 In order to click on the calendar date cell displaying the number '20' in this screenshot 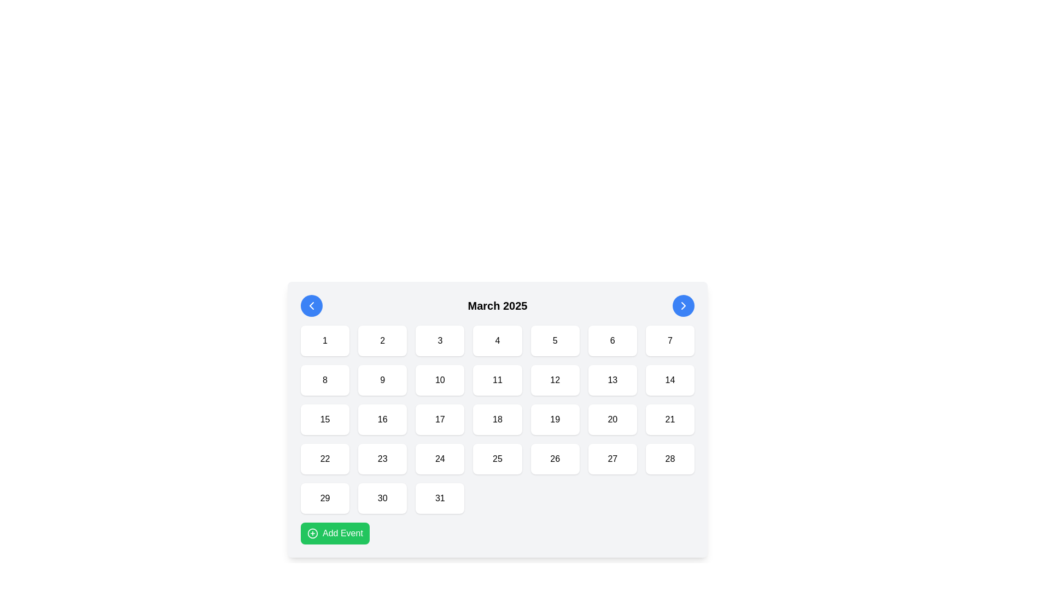, I will do `click(612, 419)`.